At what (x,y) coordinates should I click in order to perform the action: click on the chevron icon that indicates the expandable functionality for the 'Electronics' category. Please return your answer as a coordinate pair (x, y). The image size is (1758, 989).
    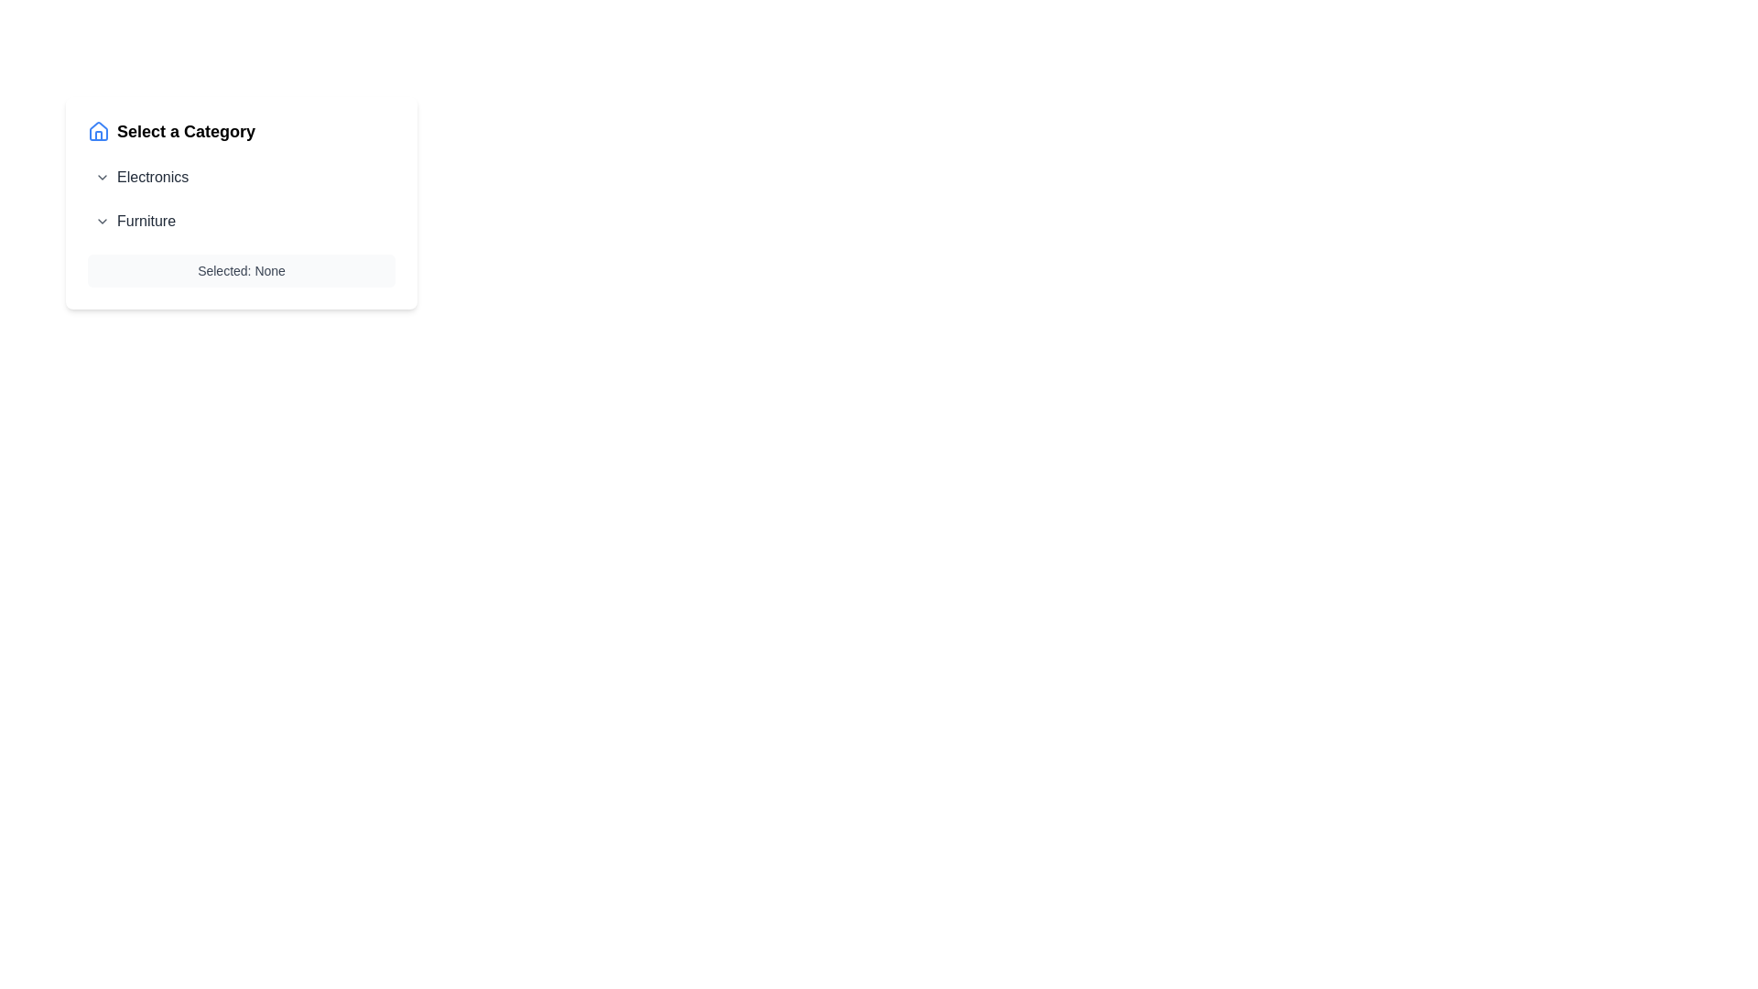
    Looking at the image, I should click on (101, 177).